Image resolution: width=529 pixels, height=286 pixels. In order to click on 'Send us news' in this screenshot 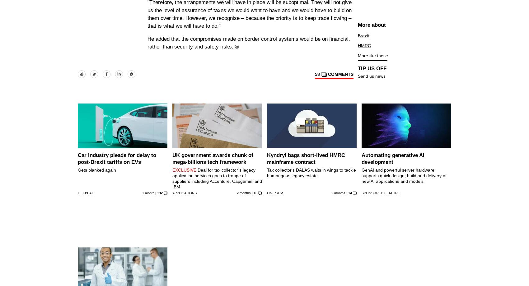, I will do `click(371, 76)`.